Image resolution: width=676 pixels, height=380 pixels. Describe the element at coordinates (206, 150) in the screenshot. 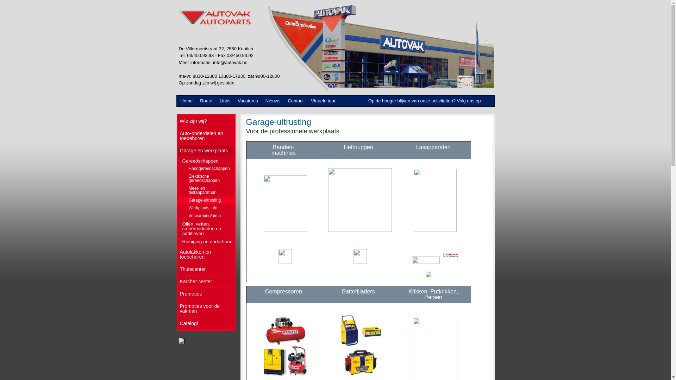

I see `'Garage en werkplaats'` at that location.